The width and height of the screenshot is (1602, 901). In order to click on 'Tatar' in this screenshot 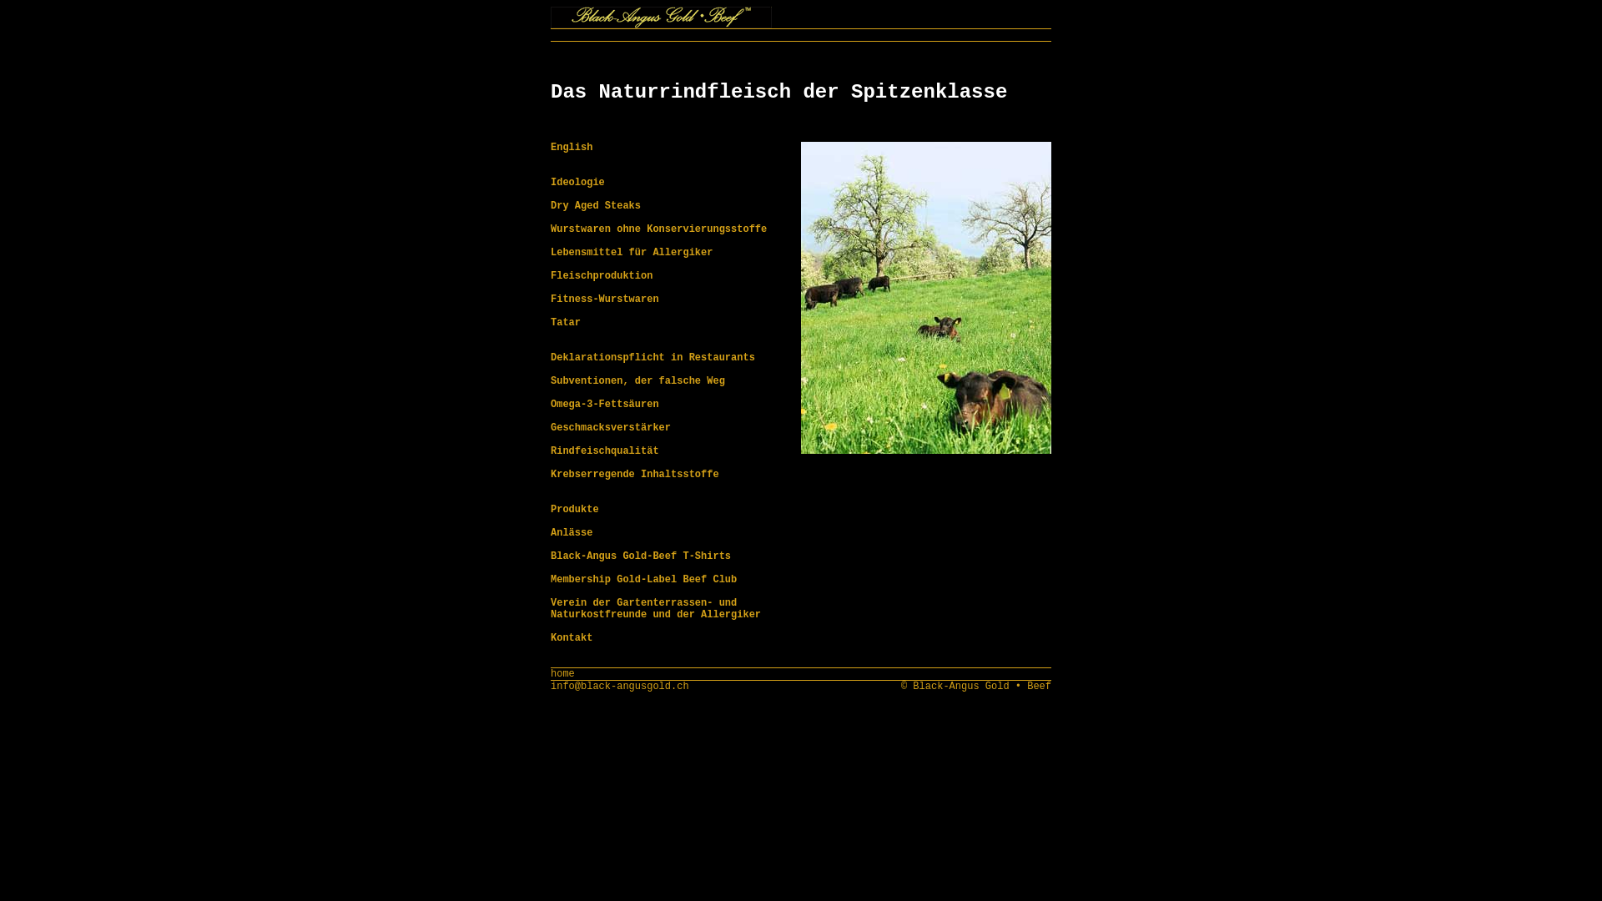, I will do `click(565, 322)`.